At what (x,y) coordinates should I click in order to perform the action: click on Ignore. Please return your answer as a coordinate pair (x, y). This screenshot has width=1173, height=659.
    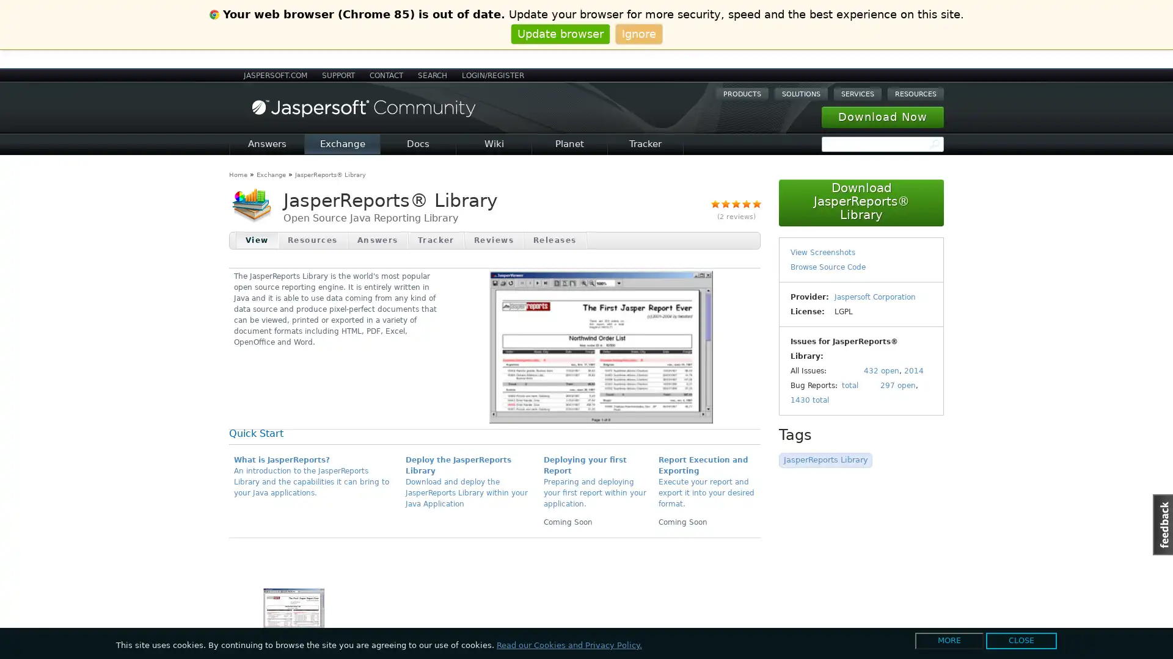
    Looking at the image, I should click on (638, 33).